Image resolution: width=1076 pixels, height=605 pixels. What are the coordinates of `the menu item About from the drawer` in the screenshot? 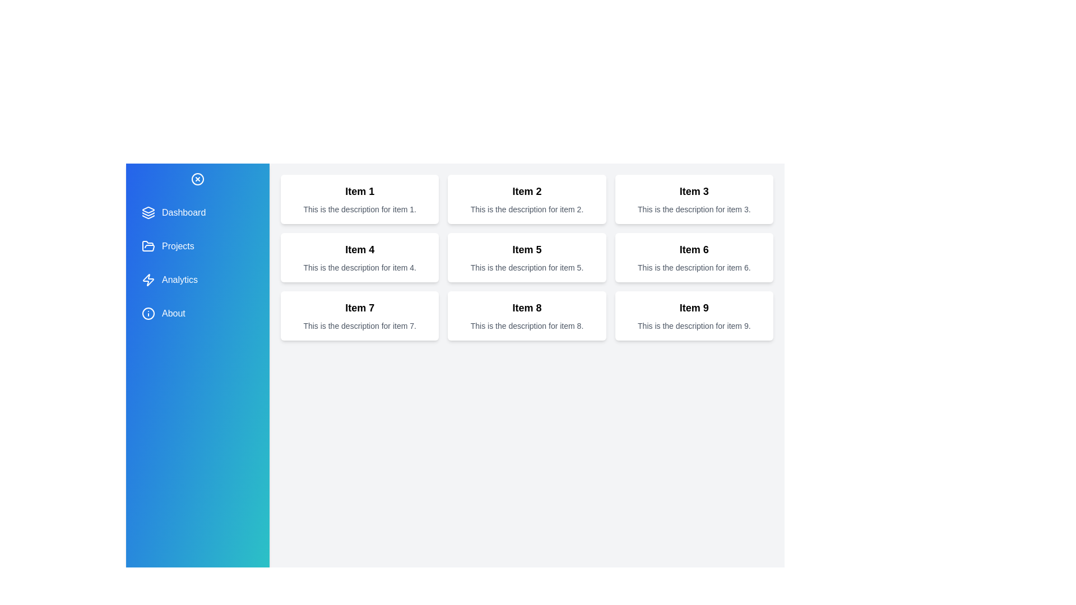 It's located at (198, 313).